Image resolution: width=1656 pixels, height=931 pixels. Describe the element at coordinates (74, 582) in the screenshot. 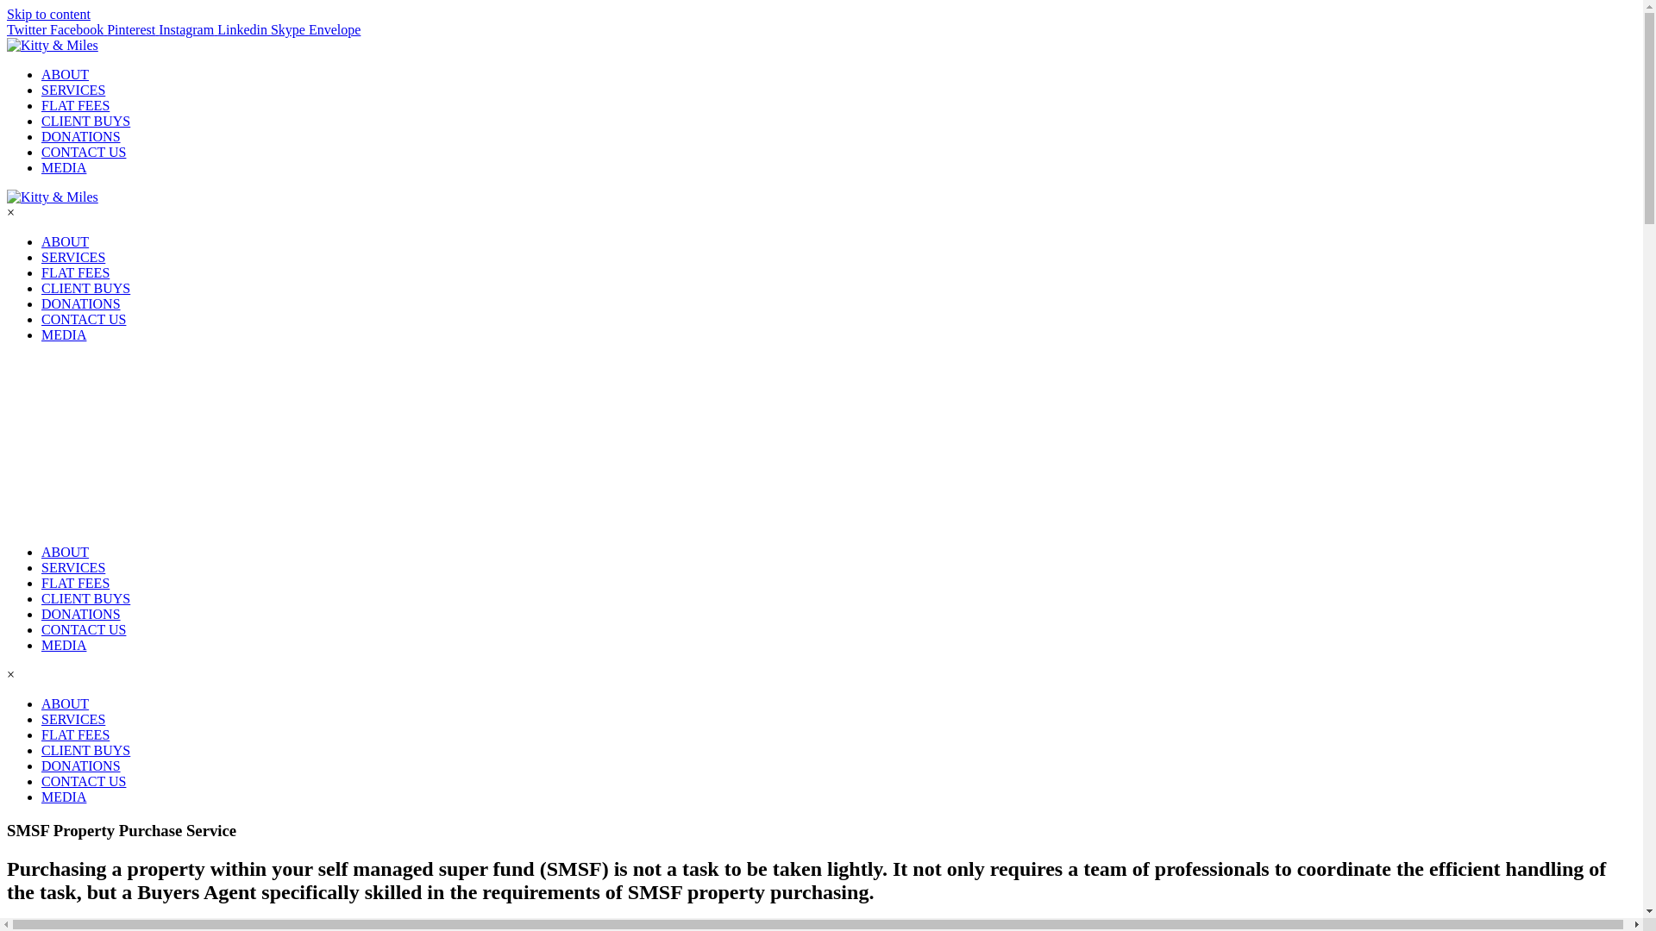

I see `'FLAT FEES'` at that location.